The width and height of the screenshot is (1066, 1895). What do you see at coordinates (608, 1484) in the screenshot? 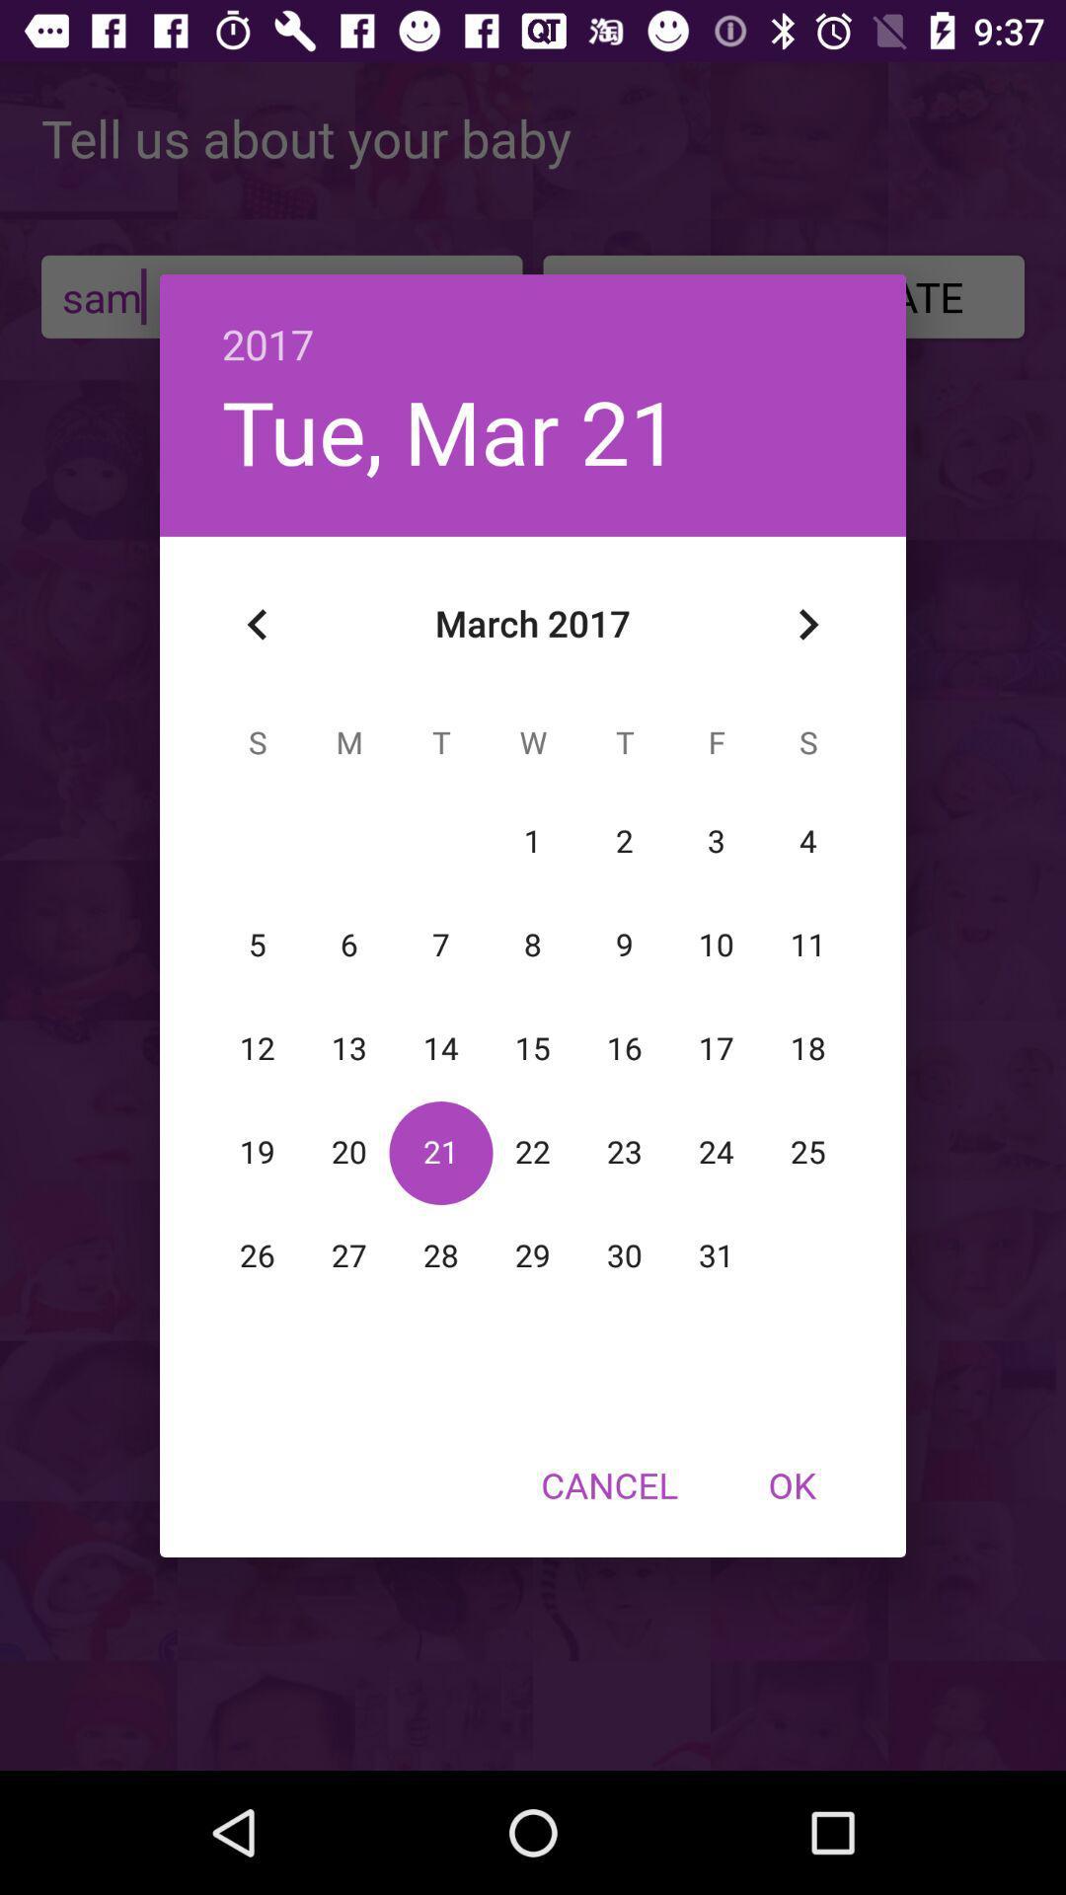
I see `the cancel` at bounding box center [608, 1484].